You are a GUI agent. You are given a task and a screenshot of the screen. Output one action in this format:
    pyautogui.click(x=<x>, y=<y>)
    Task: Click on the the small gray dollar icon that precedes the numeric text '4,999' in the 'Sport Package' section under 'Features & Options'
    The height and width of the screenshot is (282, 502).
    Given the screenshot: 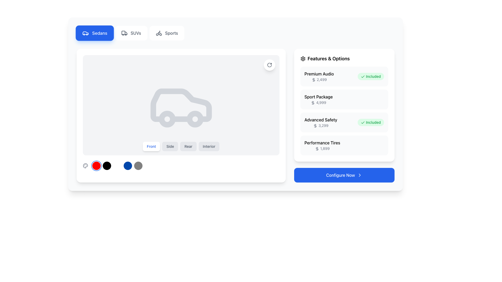 What is the action you would take?
    pyautogui.click(x=313, y=103)
    